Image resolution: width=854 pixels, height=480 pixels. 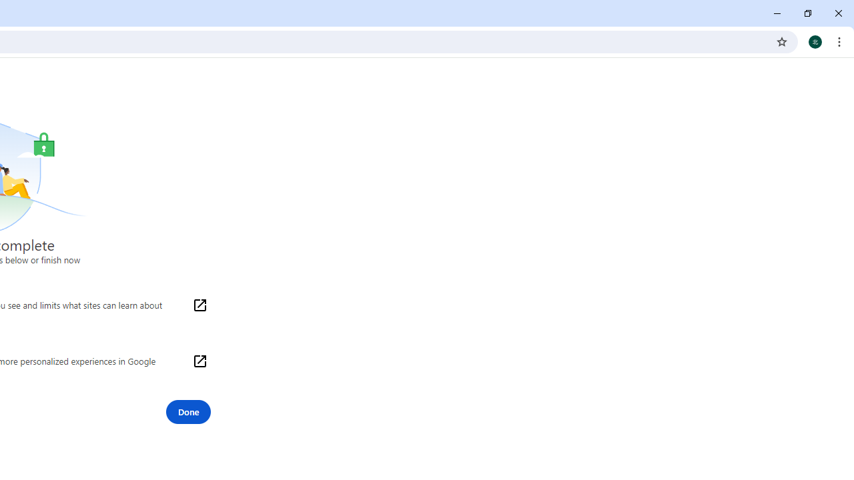 I want to click on 'Done', so click(x=187, y=411).